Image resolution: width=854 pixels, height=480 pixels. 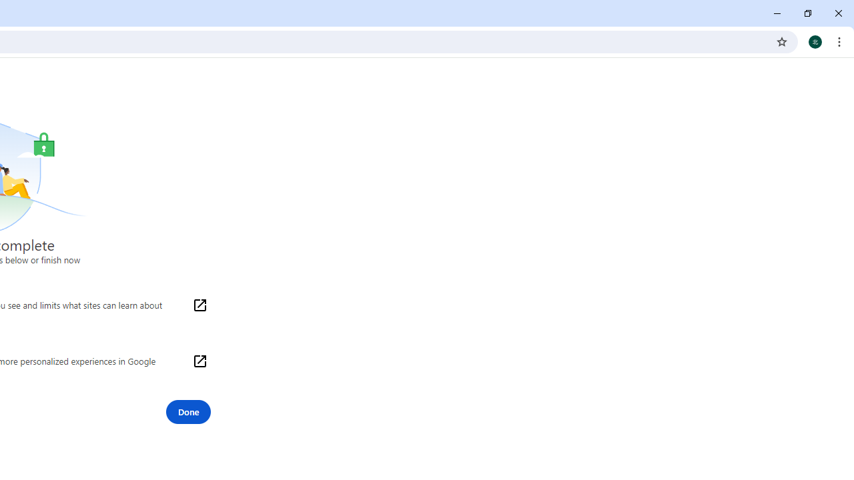 I want to click on 'Done', so click(x=187, y=411).